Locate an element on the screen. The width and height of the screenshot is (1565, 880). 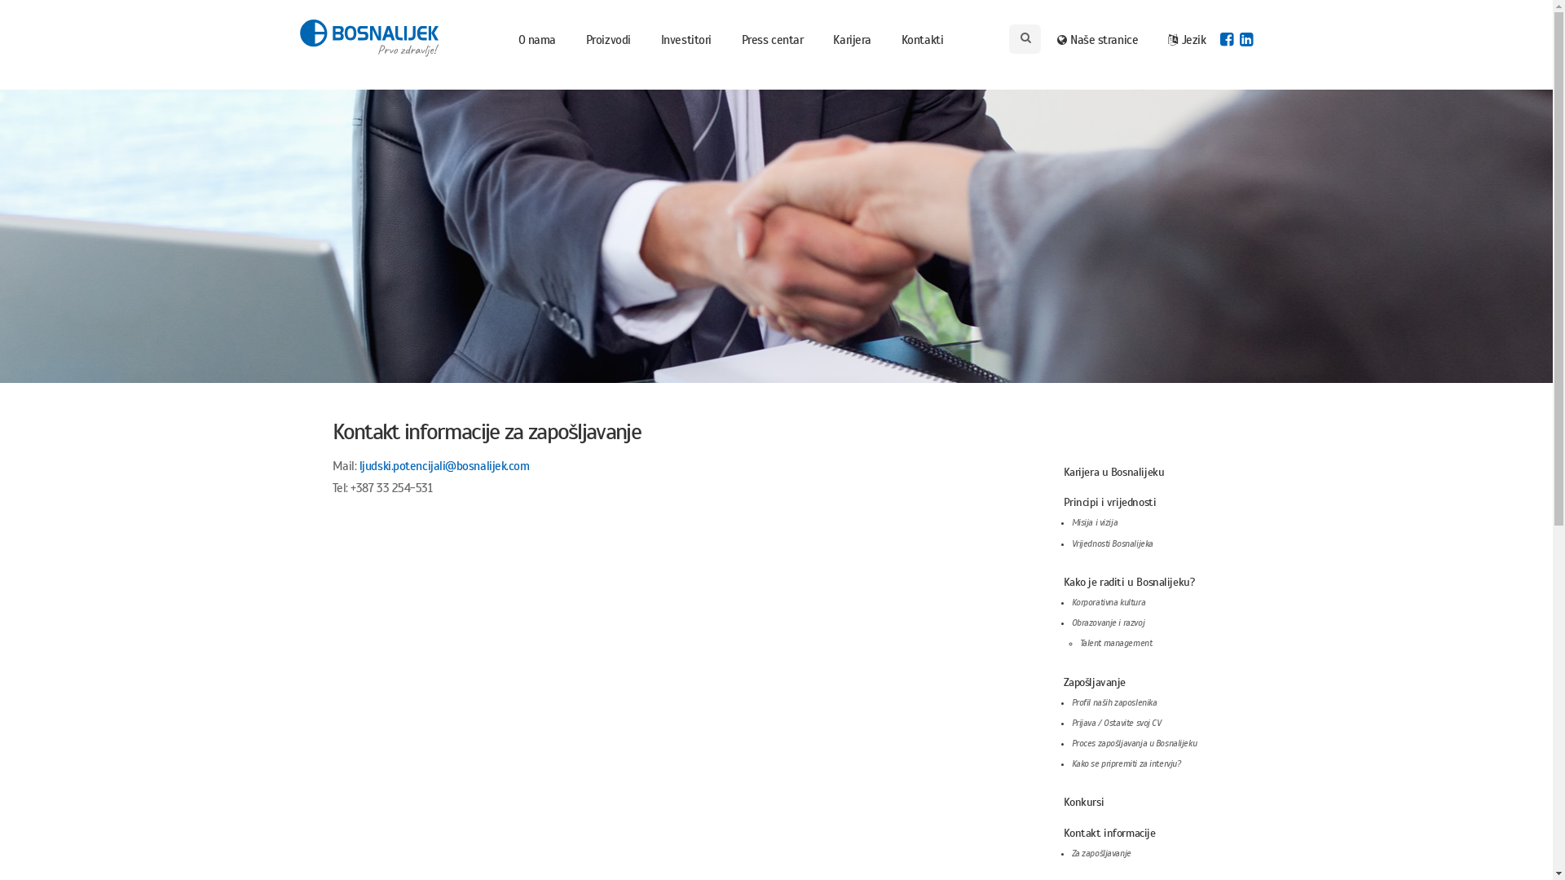
'Kako je raditi u Bosnalijeku?' is located at coordinates (1063, 581).